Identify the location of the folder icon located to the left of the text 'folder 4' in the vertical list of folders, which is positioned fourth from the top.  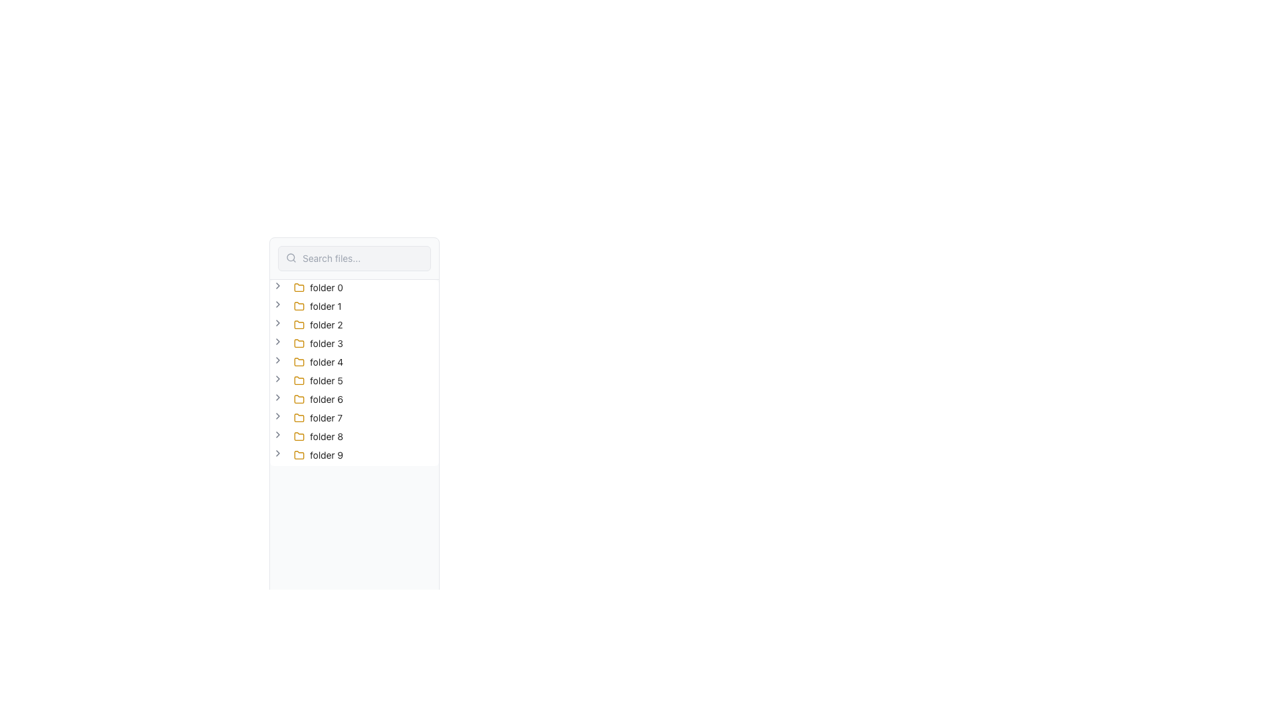
(299, 362).